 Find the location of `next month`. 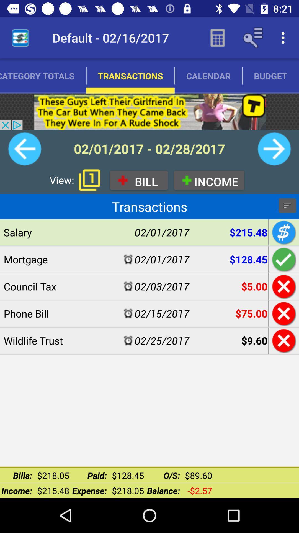

next month is located at coordinates (274, 149).